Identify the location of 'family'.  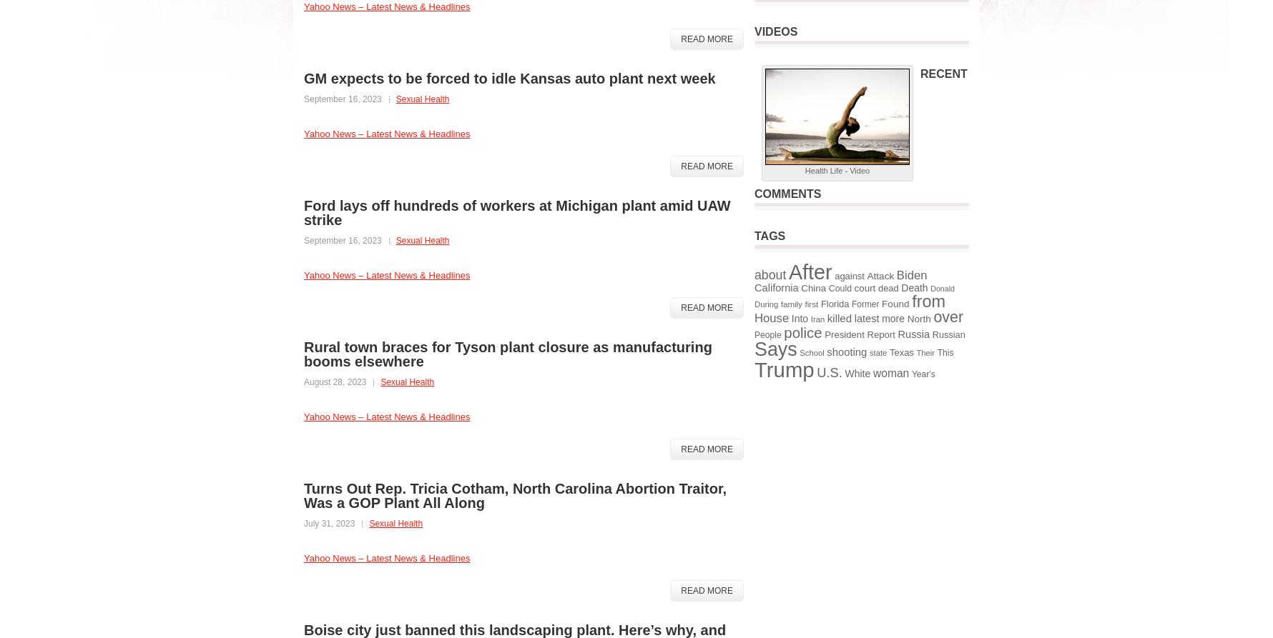
(780, 303).